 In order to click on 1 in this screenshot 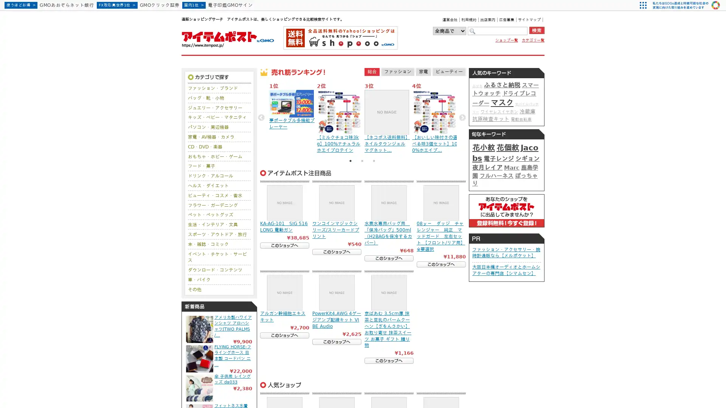, I will do `click(350, 160)`.